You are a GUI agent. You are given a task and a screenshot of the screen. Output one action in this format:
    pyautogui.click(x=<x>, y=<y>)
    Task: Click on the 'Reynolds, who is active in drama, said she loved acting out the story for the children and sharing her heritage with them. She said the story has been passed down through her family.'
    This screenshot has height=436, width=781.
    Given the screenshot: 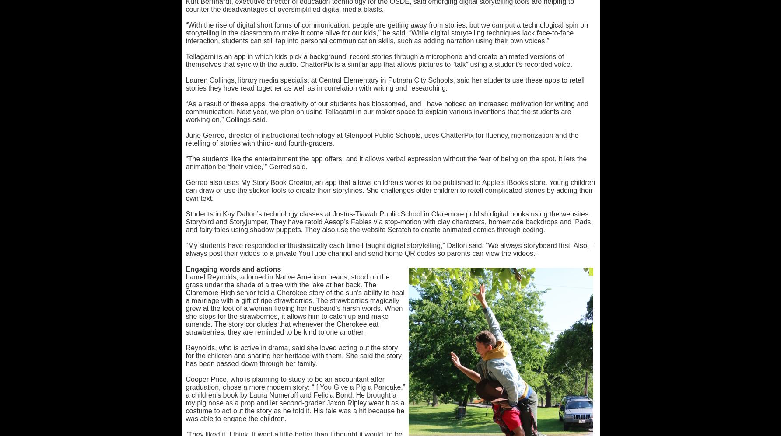 What is the action you would take?
    pyautogui.click(x=293, y=355)
    